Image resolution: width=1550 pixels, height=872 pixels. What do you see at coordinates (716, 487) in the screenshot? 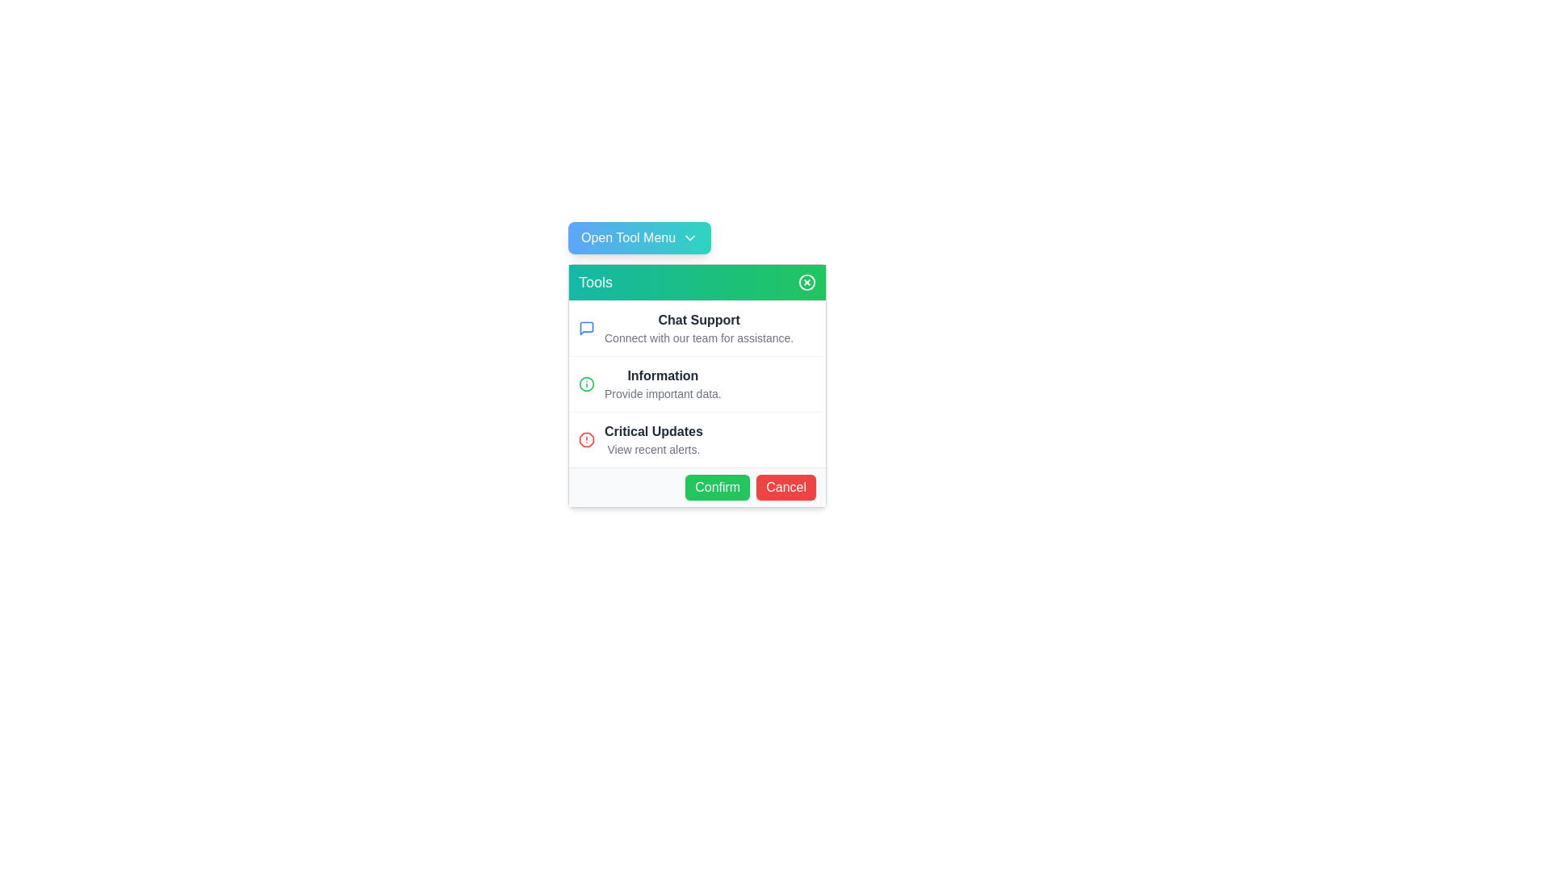
I see `the 'Confirm' button, which is a rectangular button with white text on a green background, located at the bottom of a modal window` at bounding box center [716, 487].